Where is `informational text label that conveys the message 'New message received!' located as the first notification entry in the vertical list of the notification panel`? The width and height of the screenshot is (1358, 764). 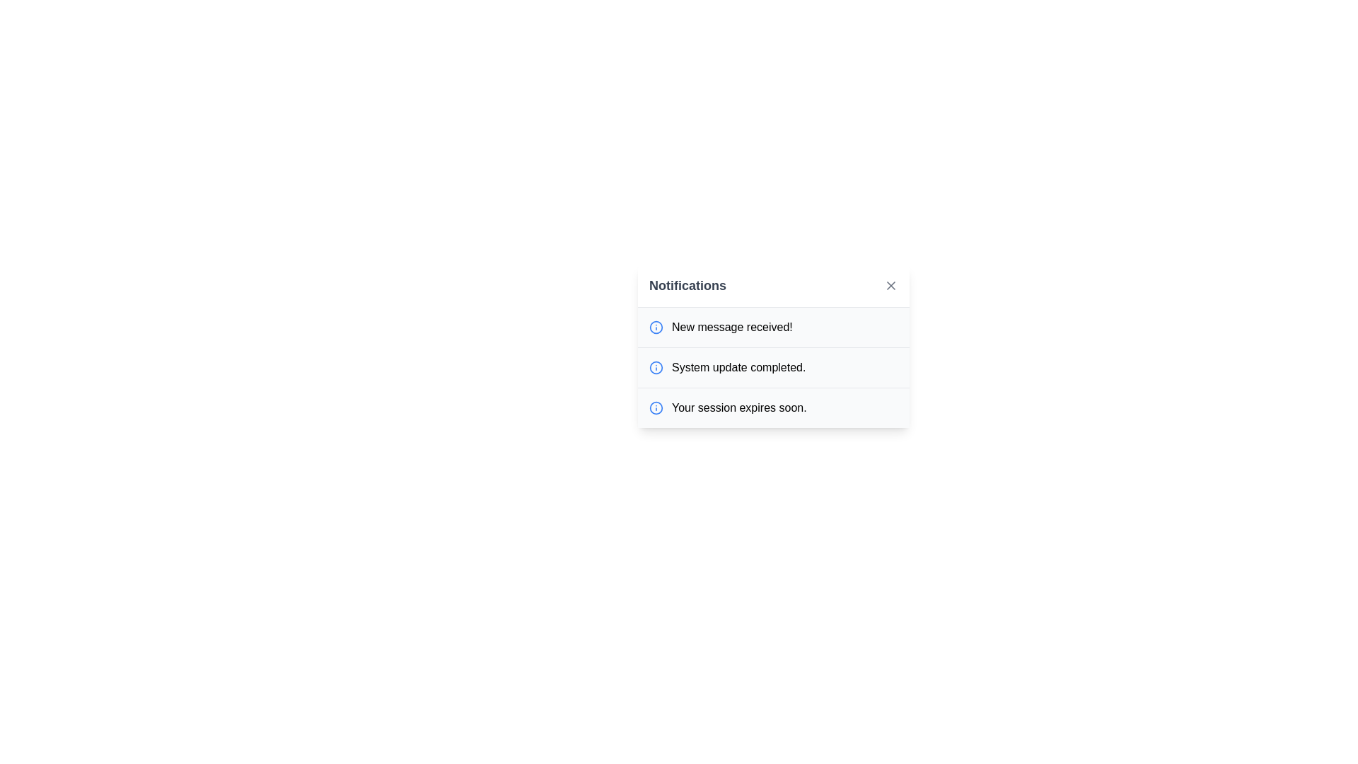 informational text label that conveys the message 'New message received!' located as the first notification entry in the vertical list of the notification panel is located at coordinates (732, 327).